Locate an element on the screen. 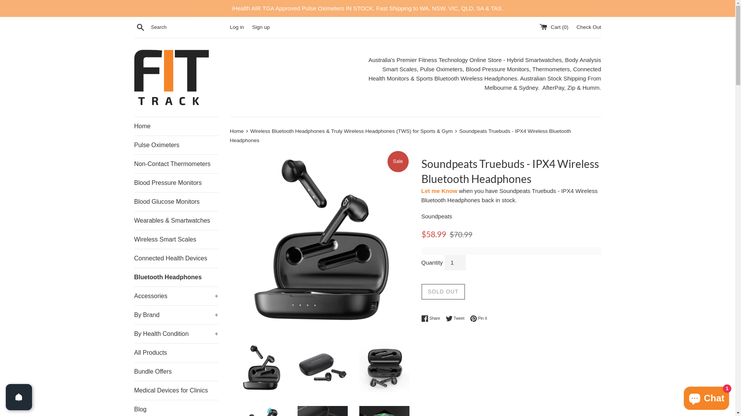 The width and height of the screenshot is (741, 416). 'Check Out' is located at coordinates (589, 27).